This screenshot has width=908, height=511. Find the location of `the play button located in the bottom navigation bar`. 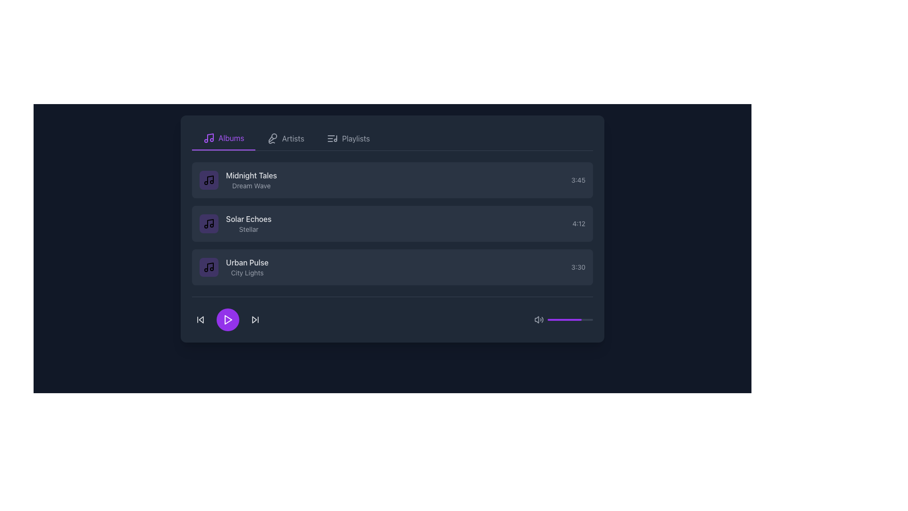

the play button located in the bottom navigation bar is located at coordinates (228, 319).